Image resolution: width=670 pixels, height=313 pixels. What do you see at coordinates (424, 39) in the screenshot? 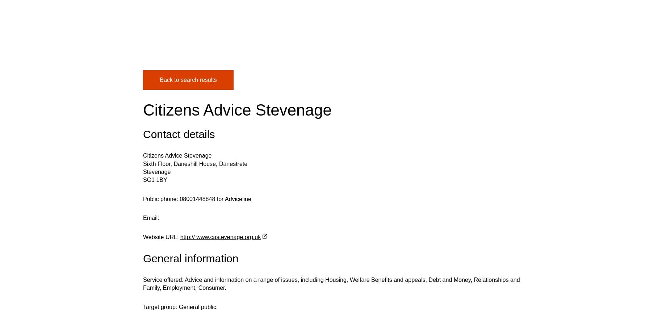
I see `'Services for'` at bounding box center [424, 39].